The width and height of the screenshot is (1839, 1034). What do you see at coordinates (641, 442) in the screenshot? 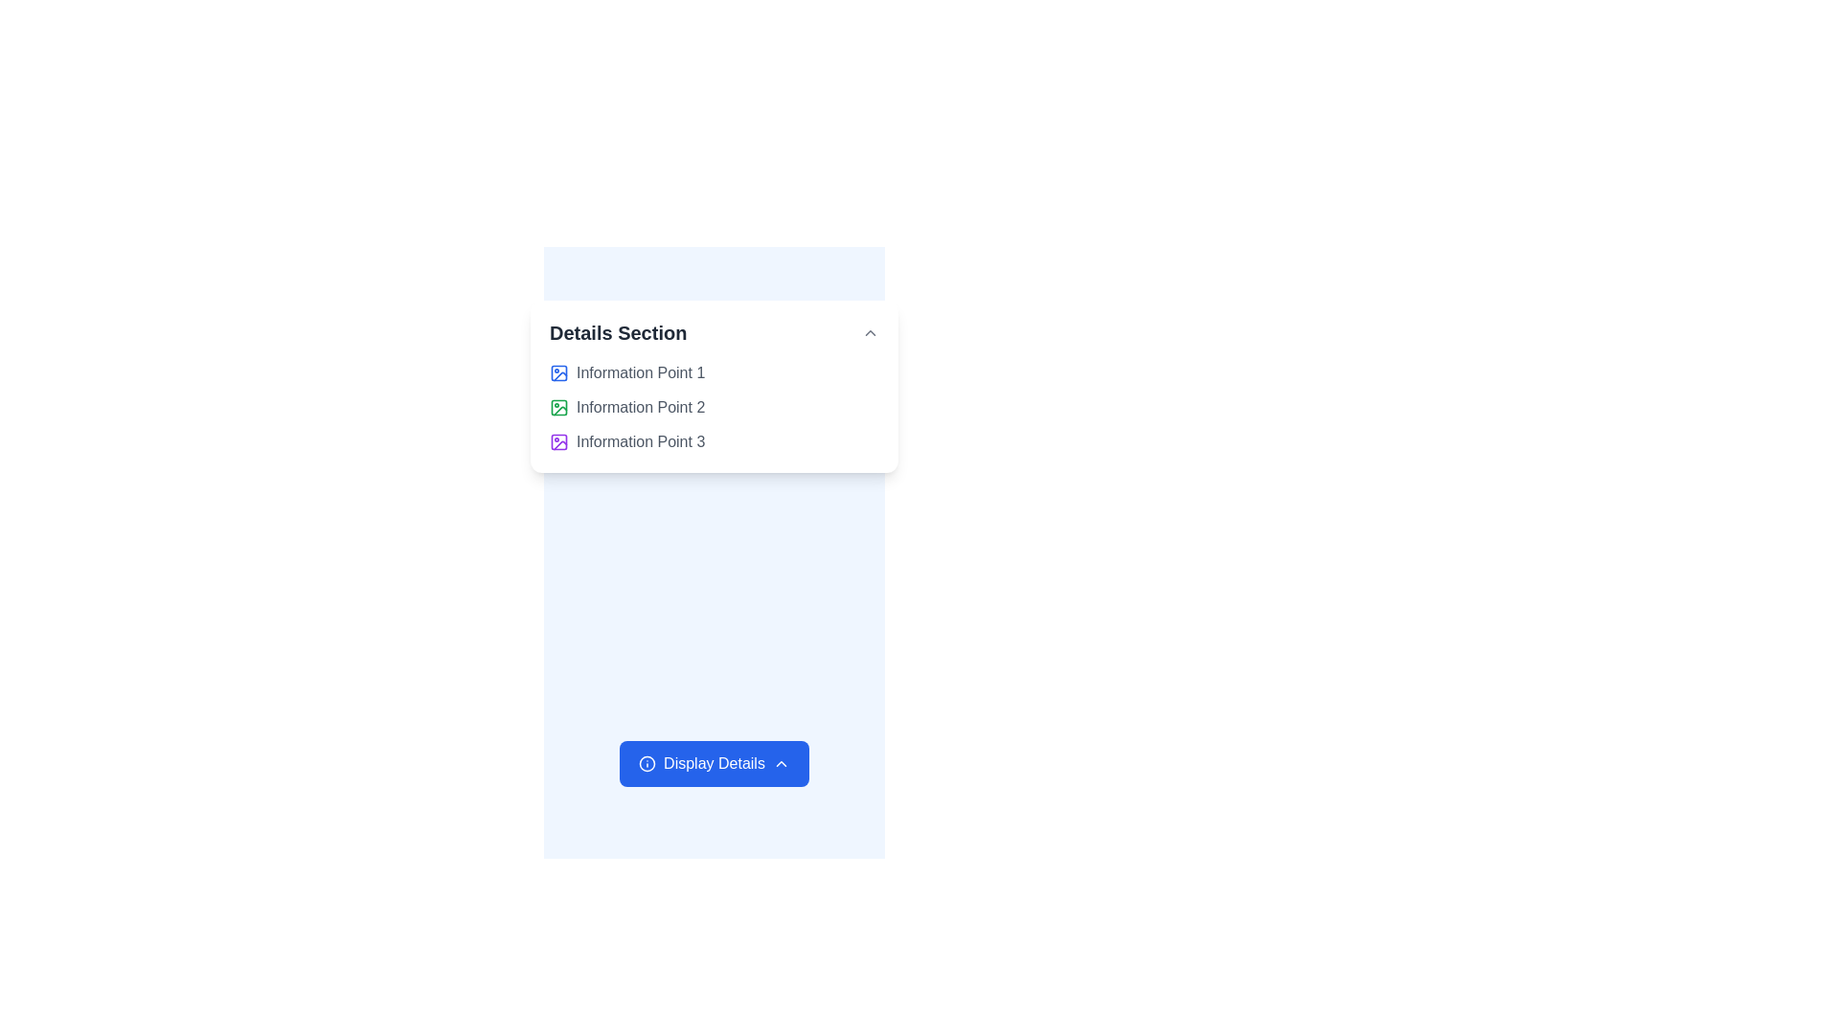
I see `text label displaying 'Information Point 3' which is located at the bottom of the list under the 'Details Section', next to a purple icon` at bounding box center [641, 442].